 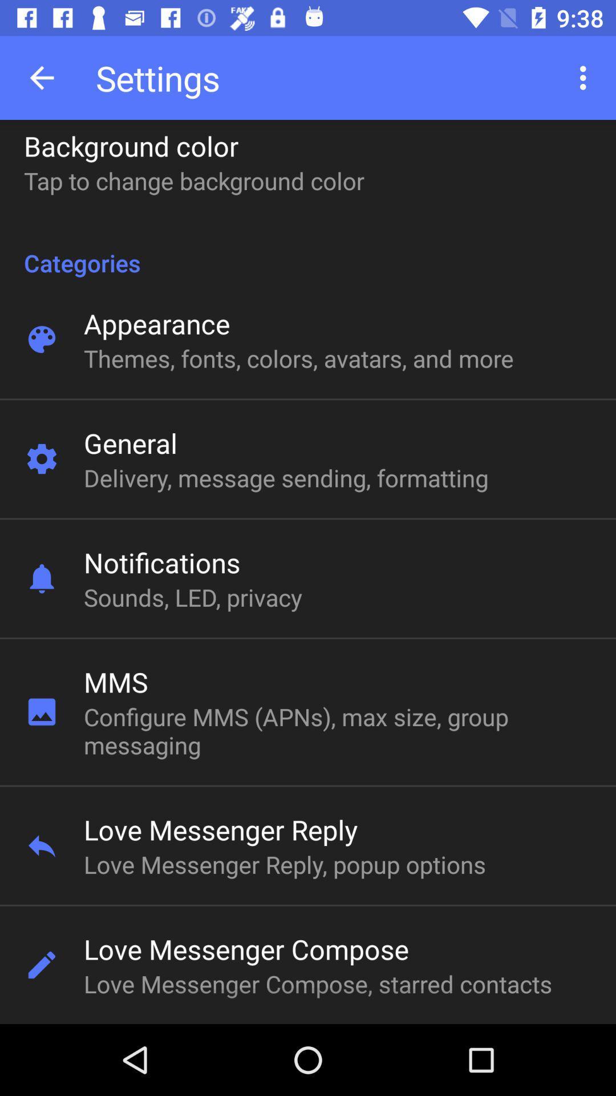 I want to click on the general item, so click(x=130, y=442).